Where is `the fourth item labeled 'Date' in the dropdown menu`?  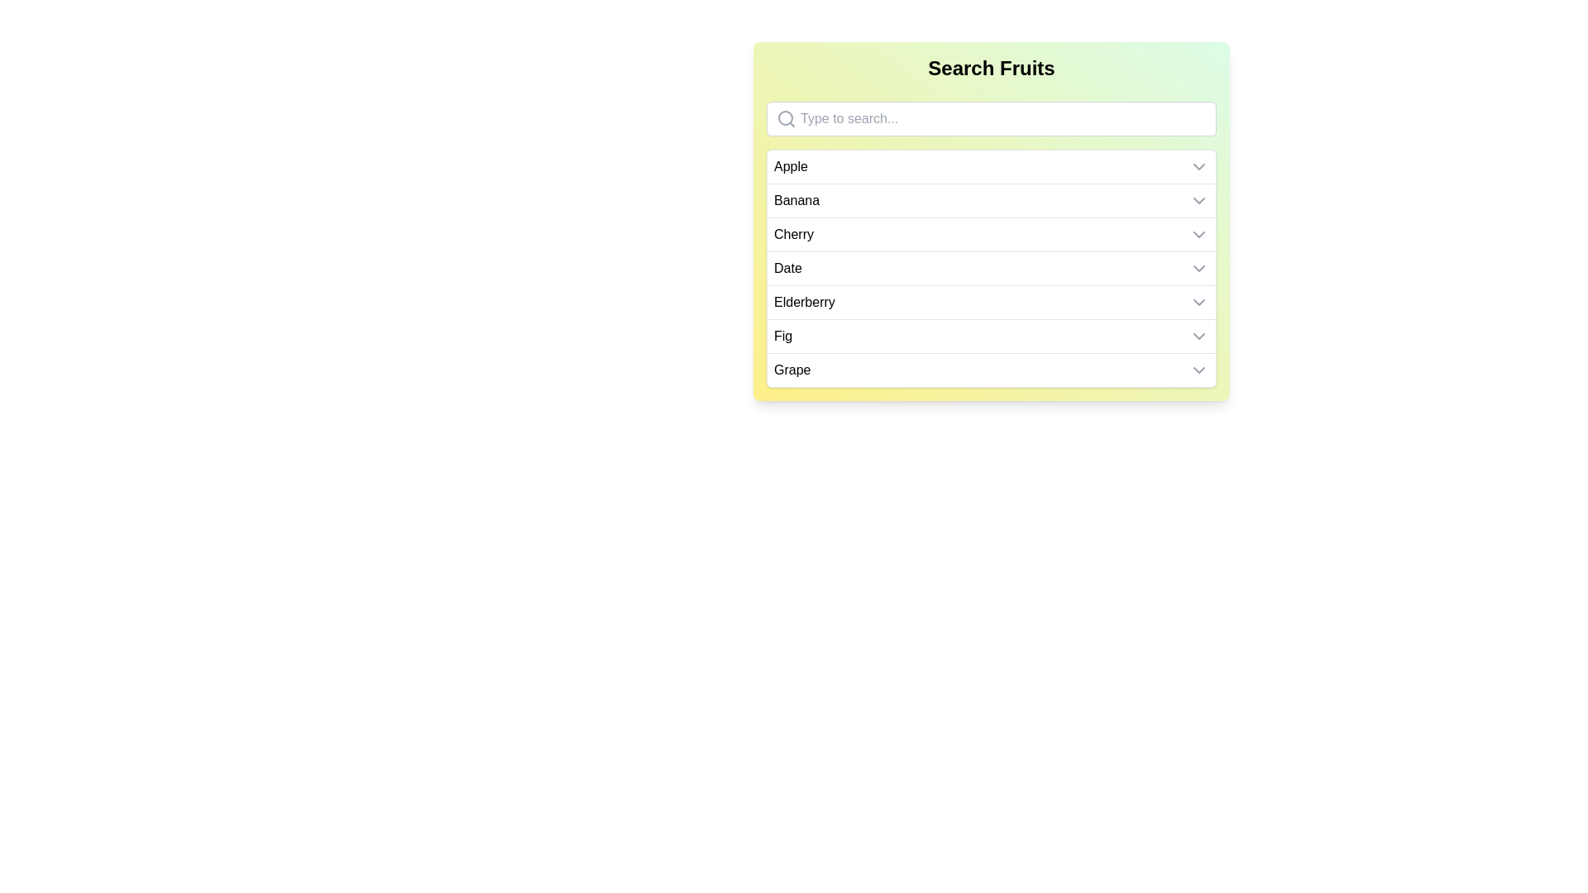
the fourth item labeled 'Date' in the dropdown menu is located at coordinates (992, 267).